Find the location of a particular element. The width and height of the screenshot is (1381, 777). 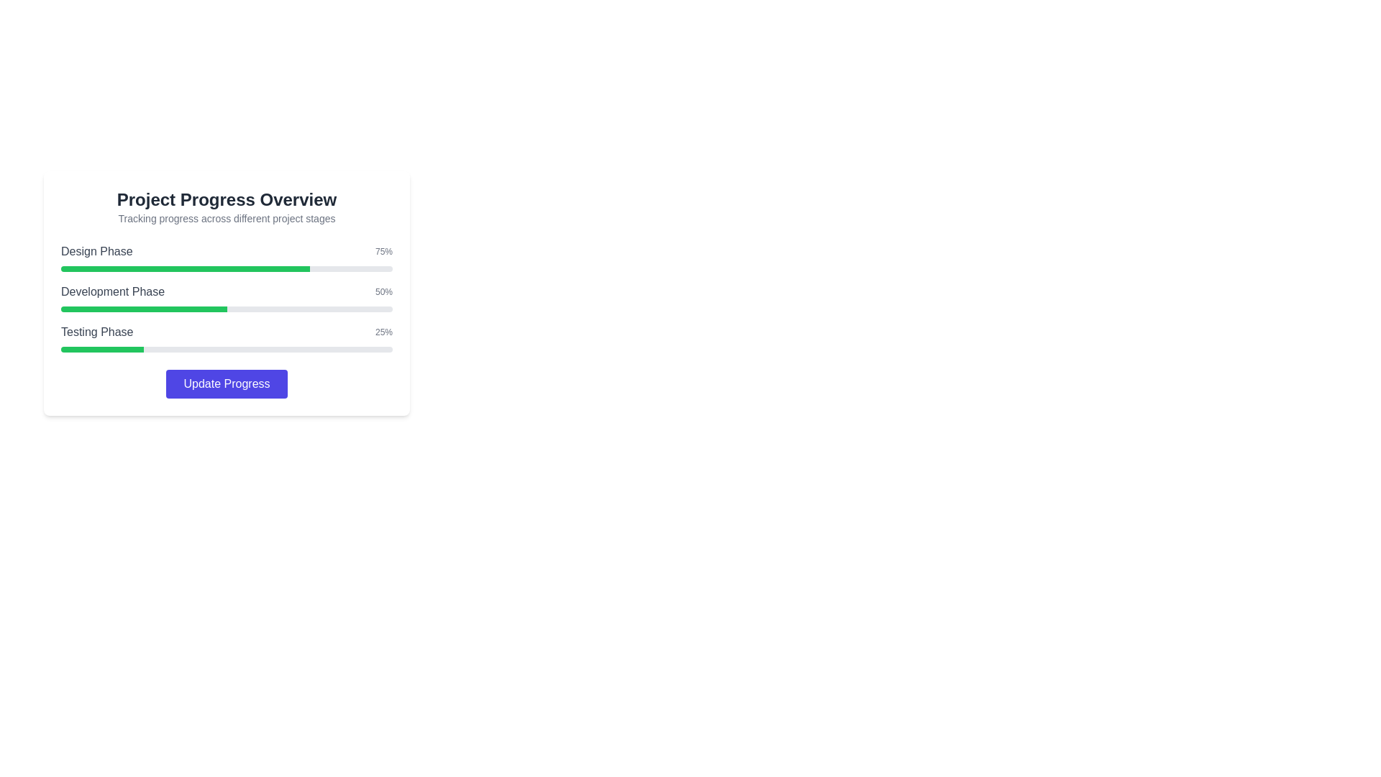

the Text label that signifies the phase of a process or project, positioned to the left of the progress bar and associated percentage label, located at the bottom of the content card is located at coordinates (96, 332).